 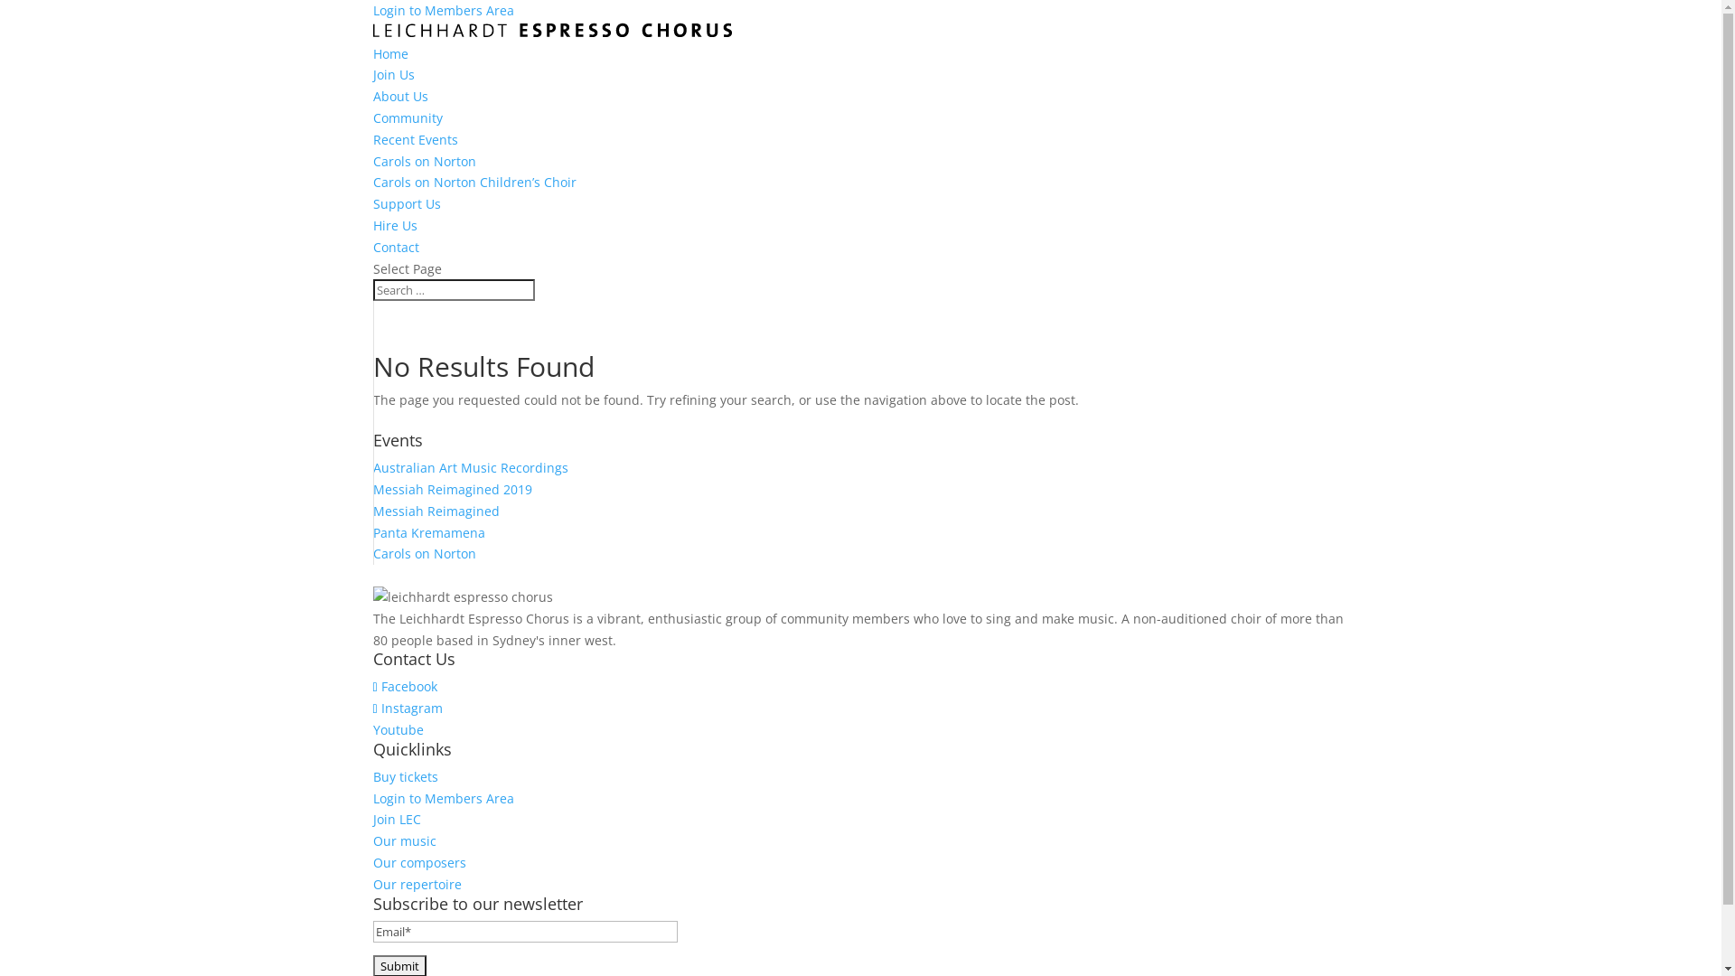 I want to click on 'Community', so click(x=371, y=117).